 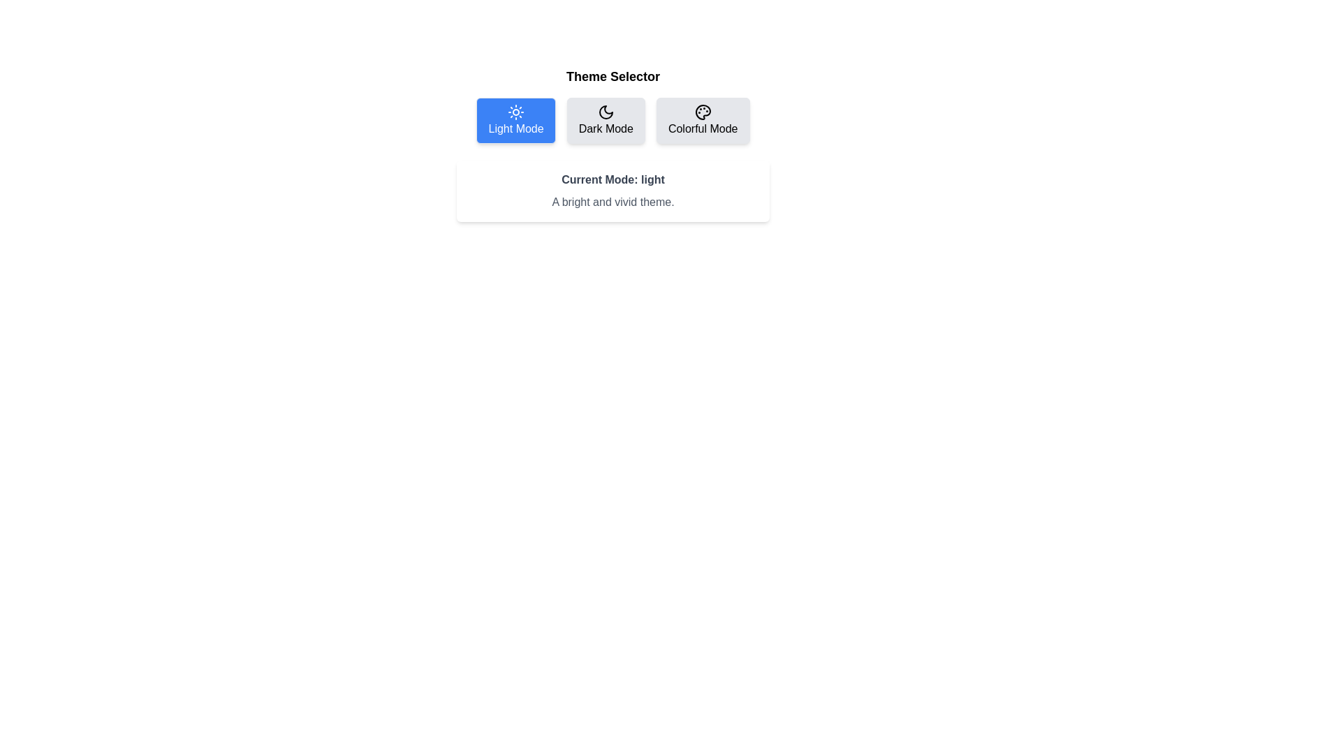 I want to click on the 'Dark Mode' text label, which is part of a selectable button for changing themes within the application interface, so click(x=606, y=129).